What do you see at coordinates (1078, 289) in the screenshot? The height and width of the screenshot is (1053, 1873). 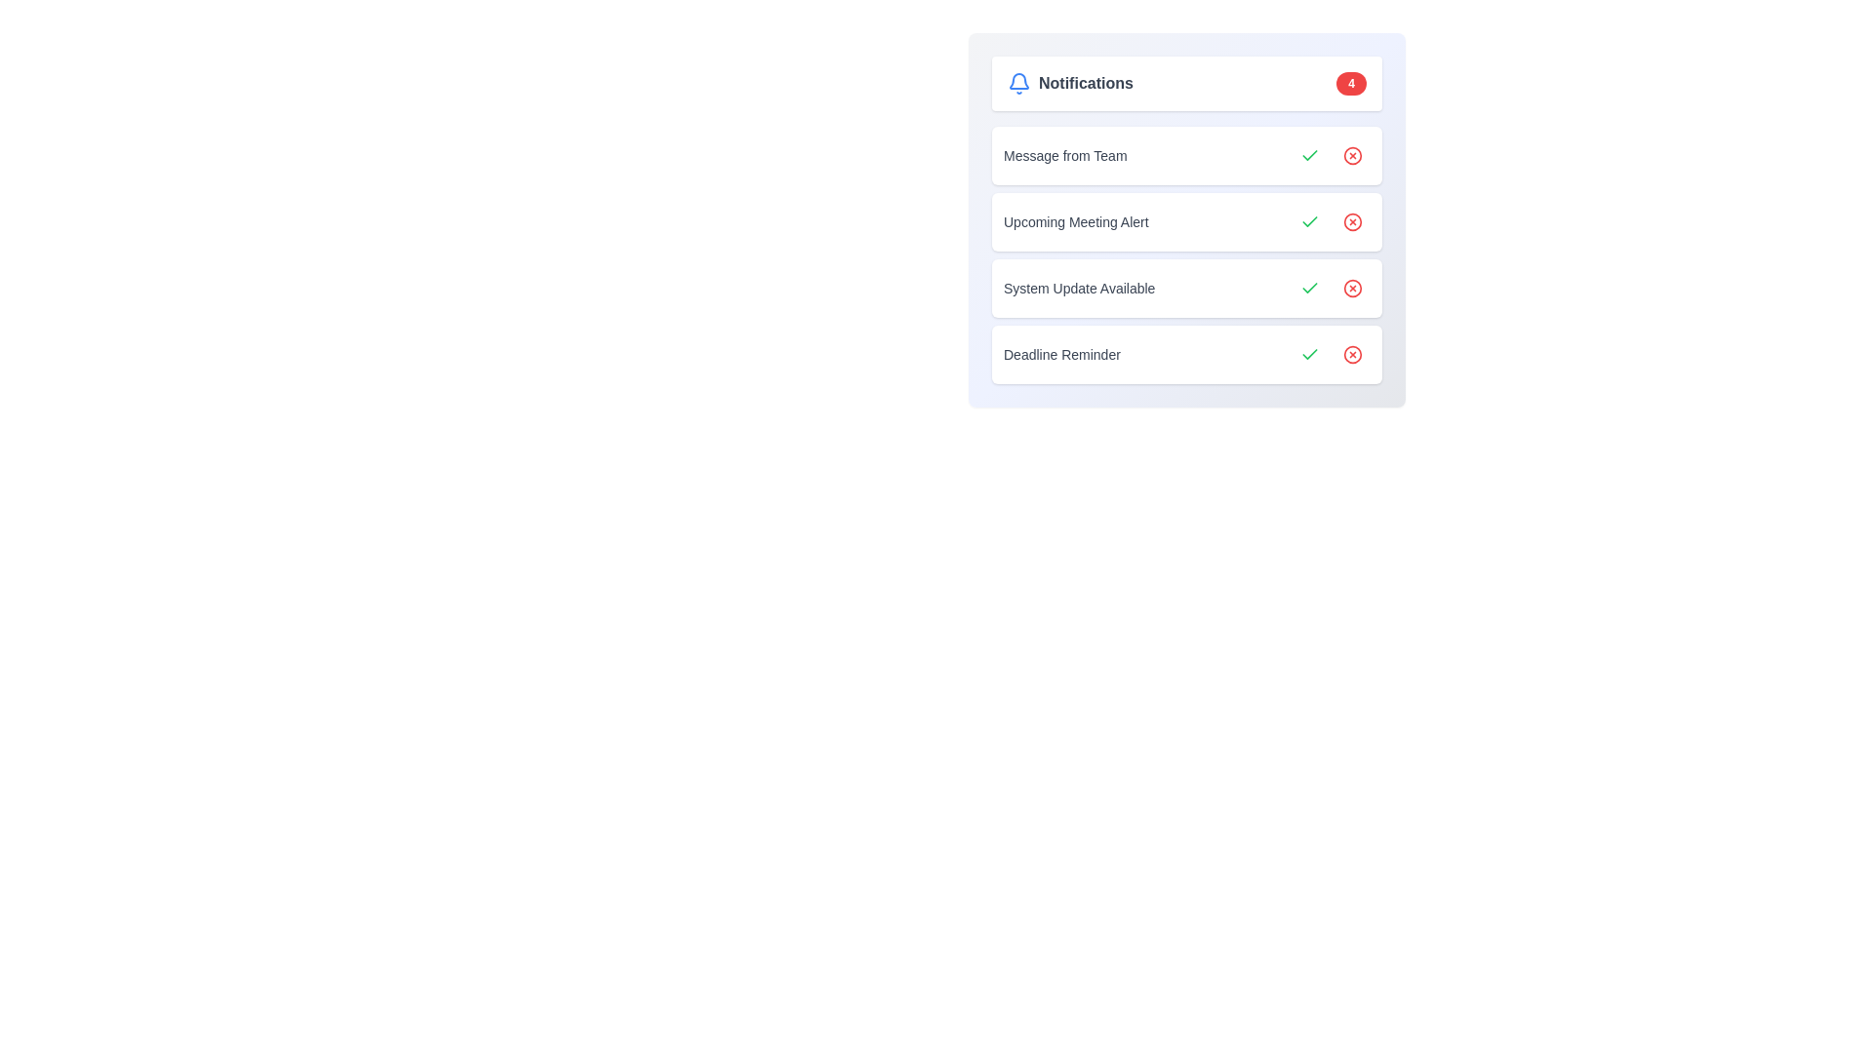 I see `the 'System Update Available' text label, which is the third item in the notifications list, styled in a small, medium weight, gray font` at bounding box center [1078, 289].